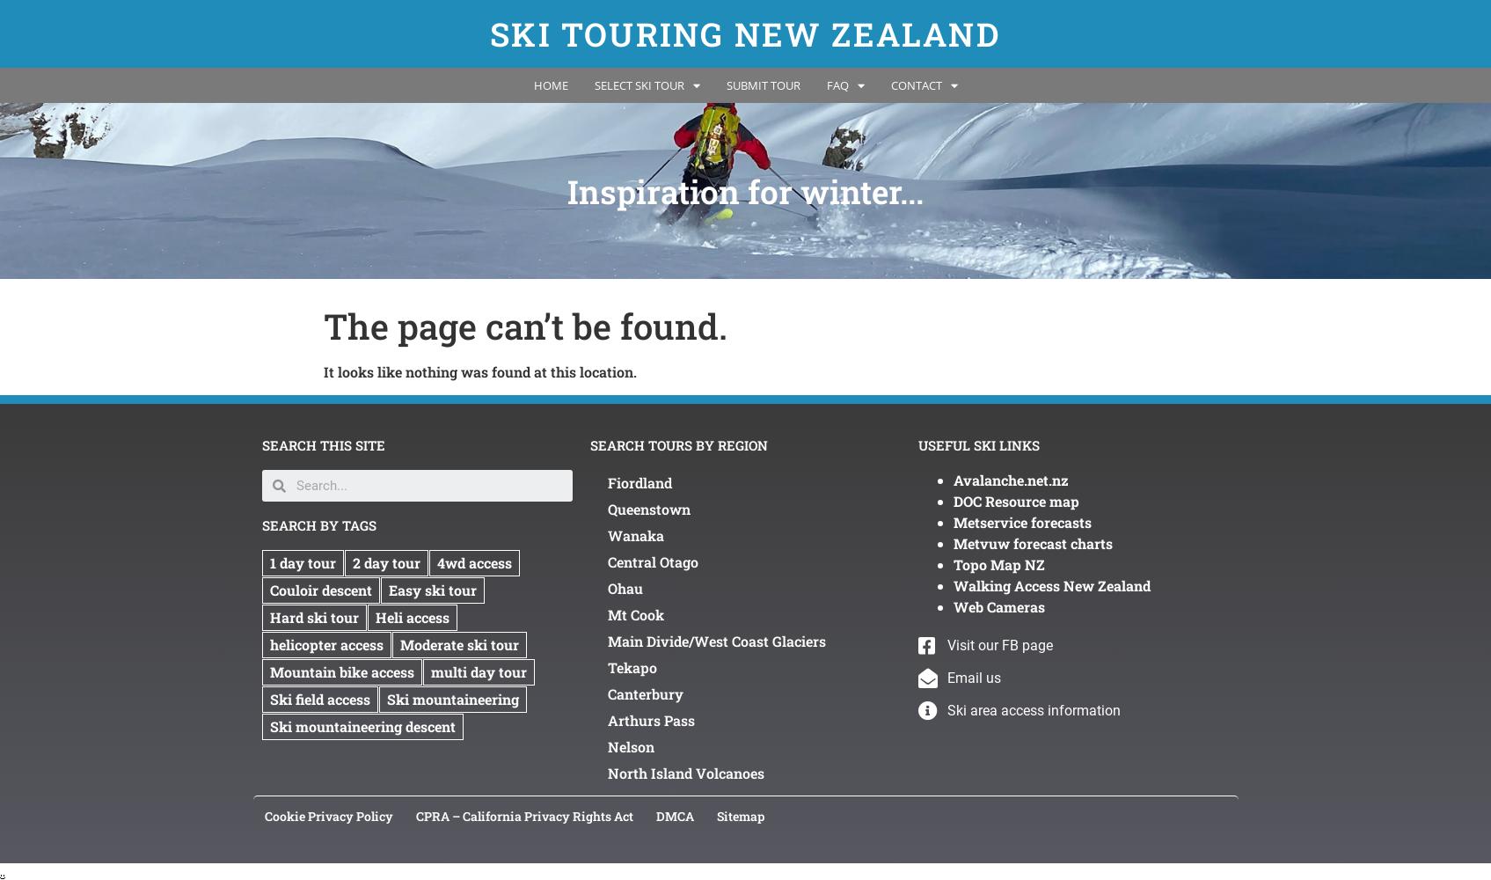 The width and height of the screenshot is (1491, 880). What do you see at coordinates (744, 33) in the screenshot?
I see `'Ski Touring New Zealand'` at bounding box center [744, 33].